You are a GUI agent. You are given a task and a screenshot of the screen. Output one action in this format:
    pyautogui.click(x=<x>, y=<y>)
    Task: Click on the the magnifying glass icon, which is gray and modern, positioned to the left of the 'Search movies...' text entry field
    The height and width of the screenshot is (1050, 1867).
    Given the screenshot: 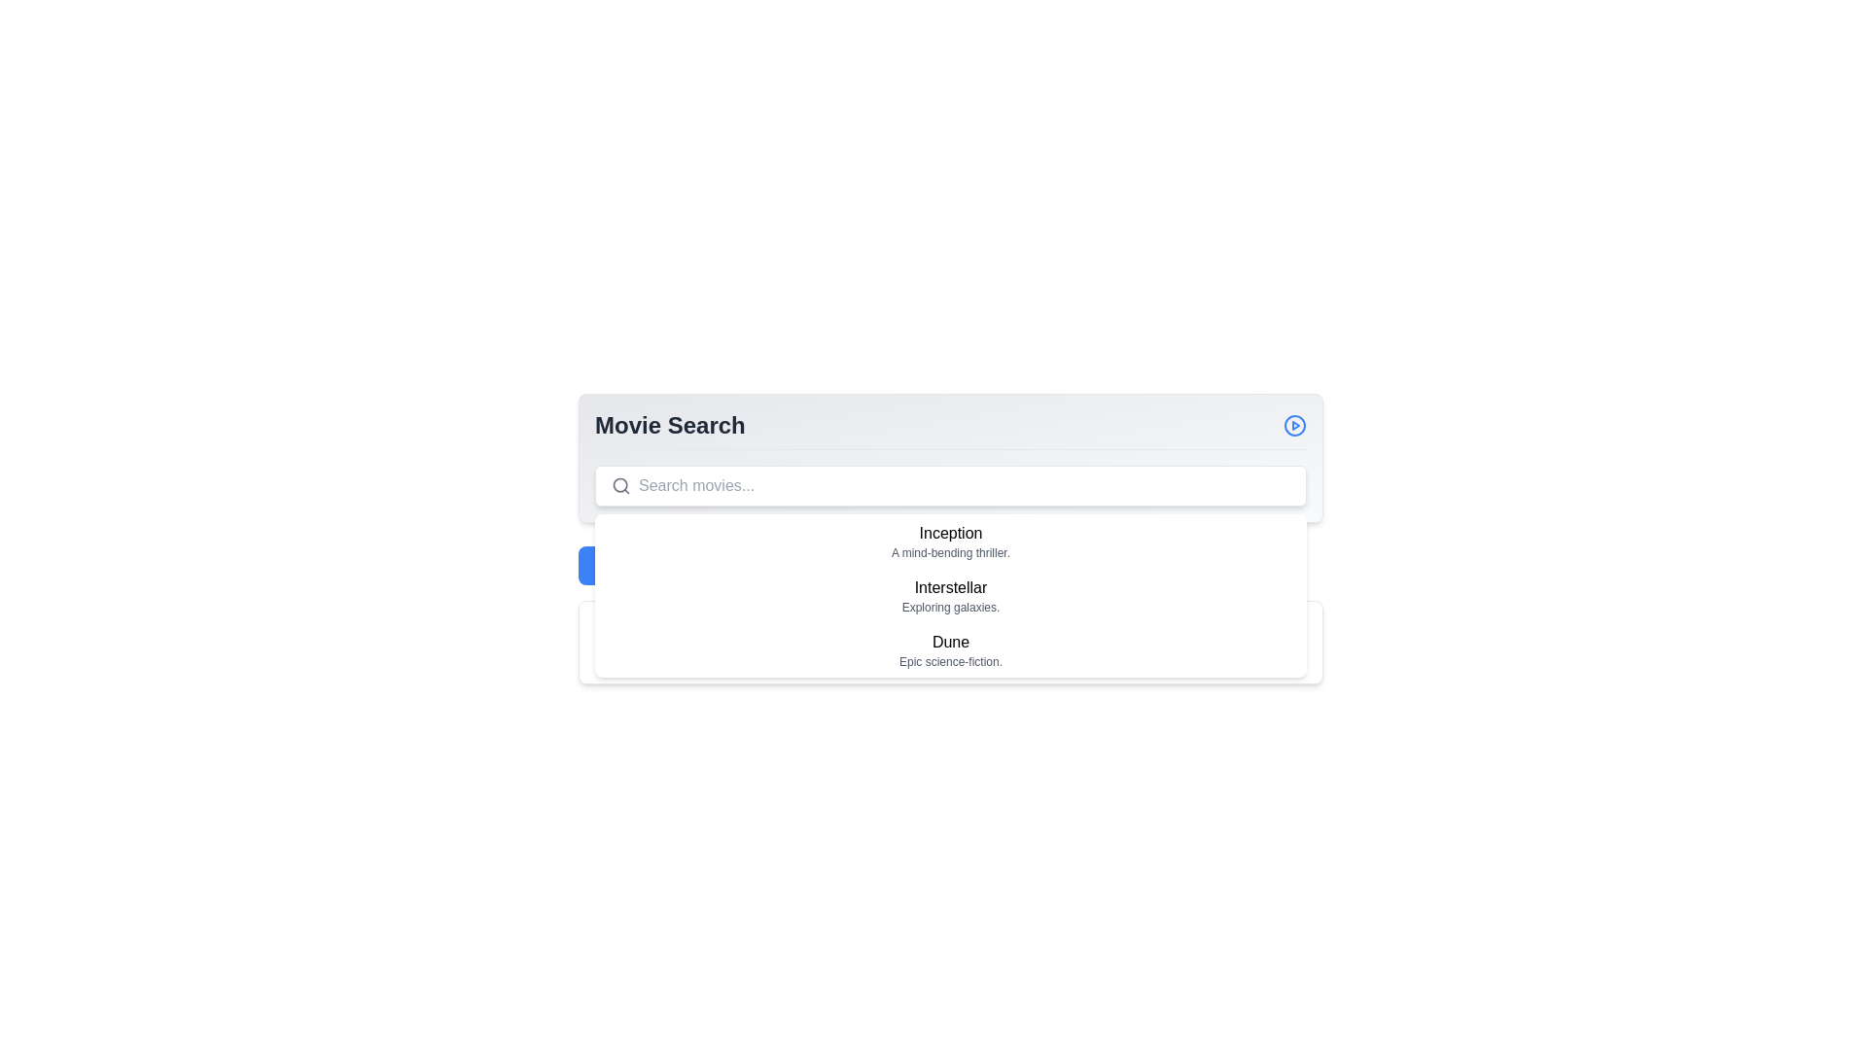 What is the action you would take?
    pyautogui.click(x=619, y=485)
    